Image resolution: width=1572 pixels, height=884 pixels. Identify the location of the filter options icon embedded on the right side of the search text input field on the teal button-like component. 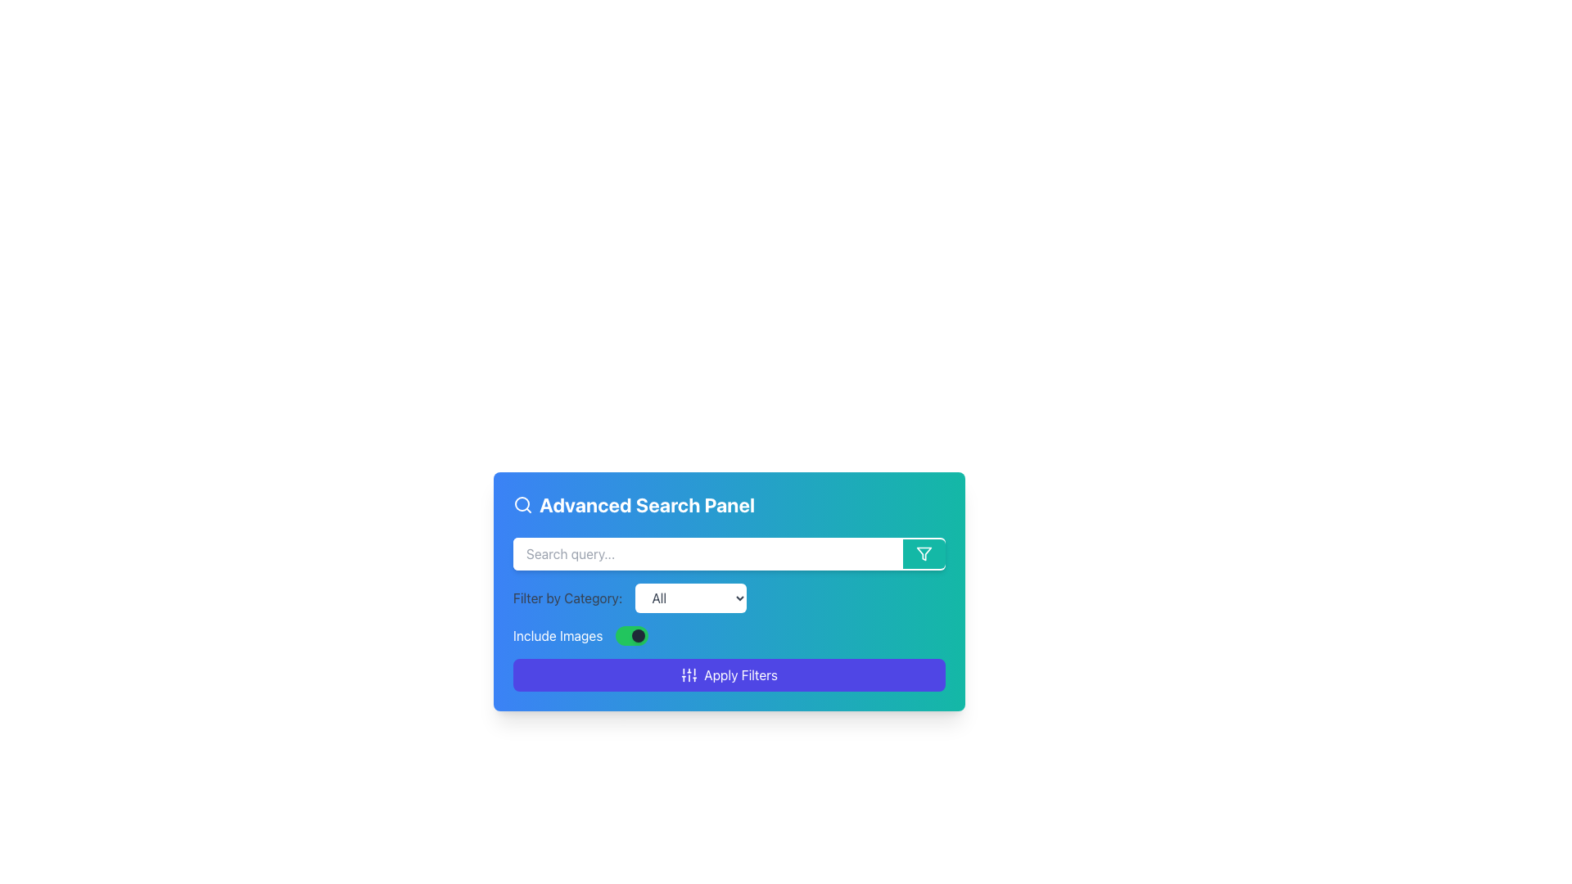
(924, 553).